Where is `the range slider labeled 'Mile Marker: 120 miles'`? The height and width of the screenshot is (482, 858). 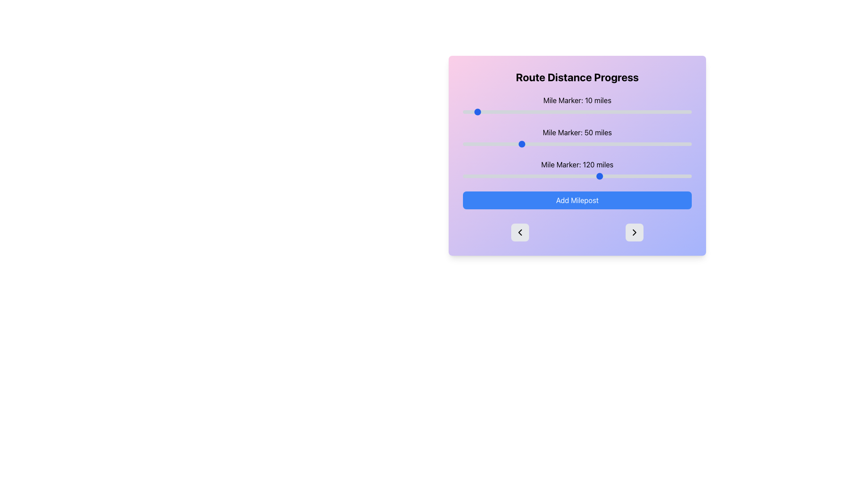
the range slider labeled 'Mile Marker: 120 miles' is located at coordinates (577, 176).